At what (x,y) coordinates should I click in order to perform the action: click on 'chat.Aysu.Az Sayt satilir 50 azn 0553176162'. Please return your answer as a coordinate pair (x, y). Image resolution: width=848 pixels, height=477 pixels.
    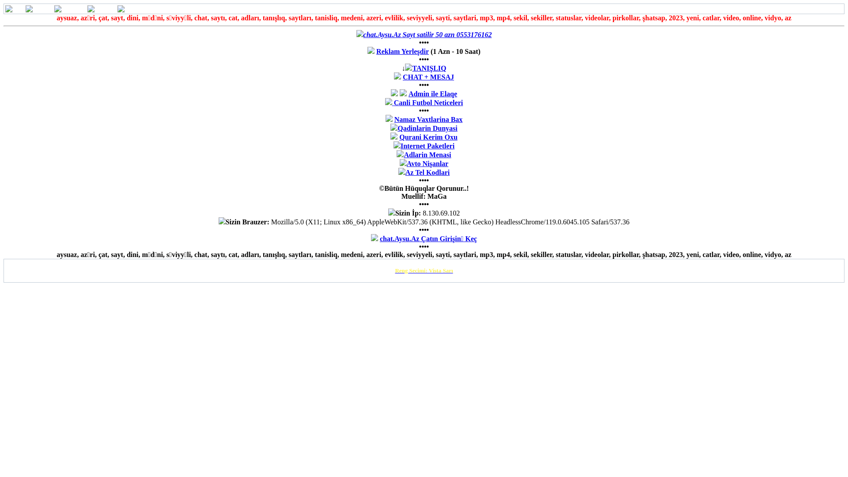
    Looking at the image, I should click on (428, 34).